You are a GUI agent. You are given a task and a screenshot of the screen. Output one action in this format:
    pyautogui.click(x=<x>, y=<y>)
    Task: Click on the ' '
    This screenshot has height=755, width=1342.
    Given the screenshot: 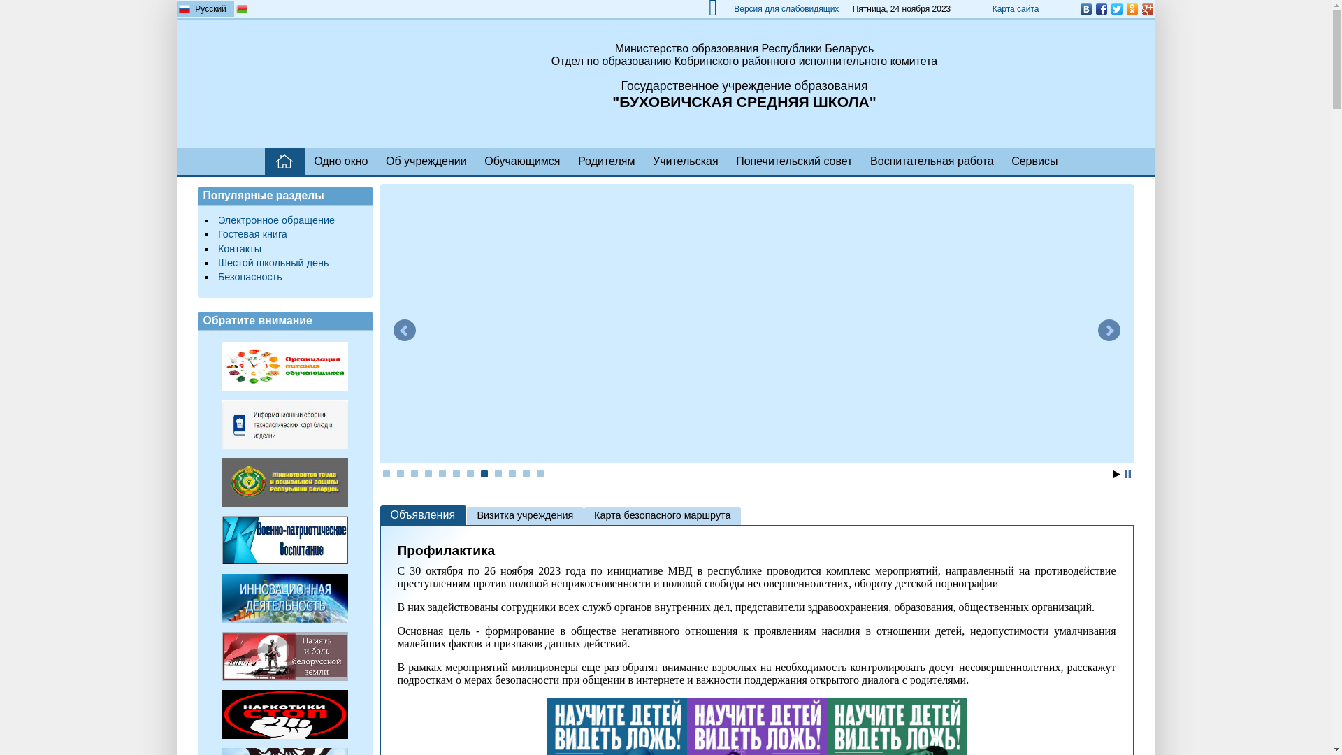 What is the action you would take?
    pyautogui.click(x=265, y=161)
    